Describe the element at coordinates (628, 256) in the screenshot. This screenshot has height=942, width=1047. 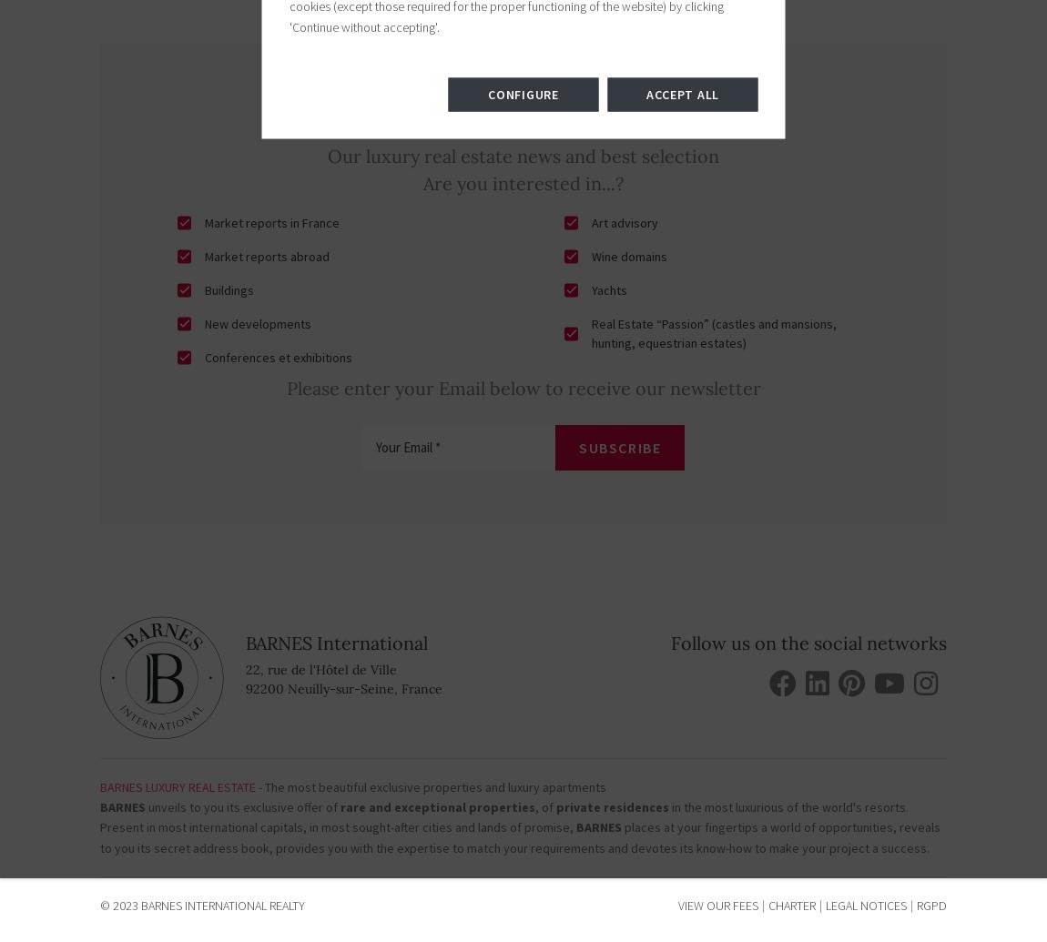
I see `'Wine domains'` at that location.